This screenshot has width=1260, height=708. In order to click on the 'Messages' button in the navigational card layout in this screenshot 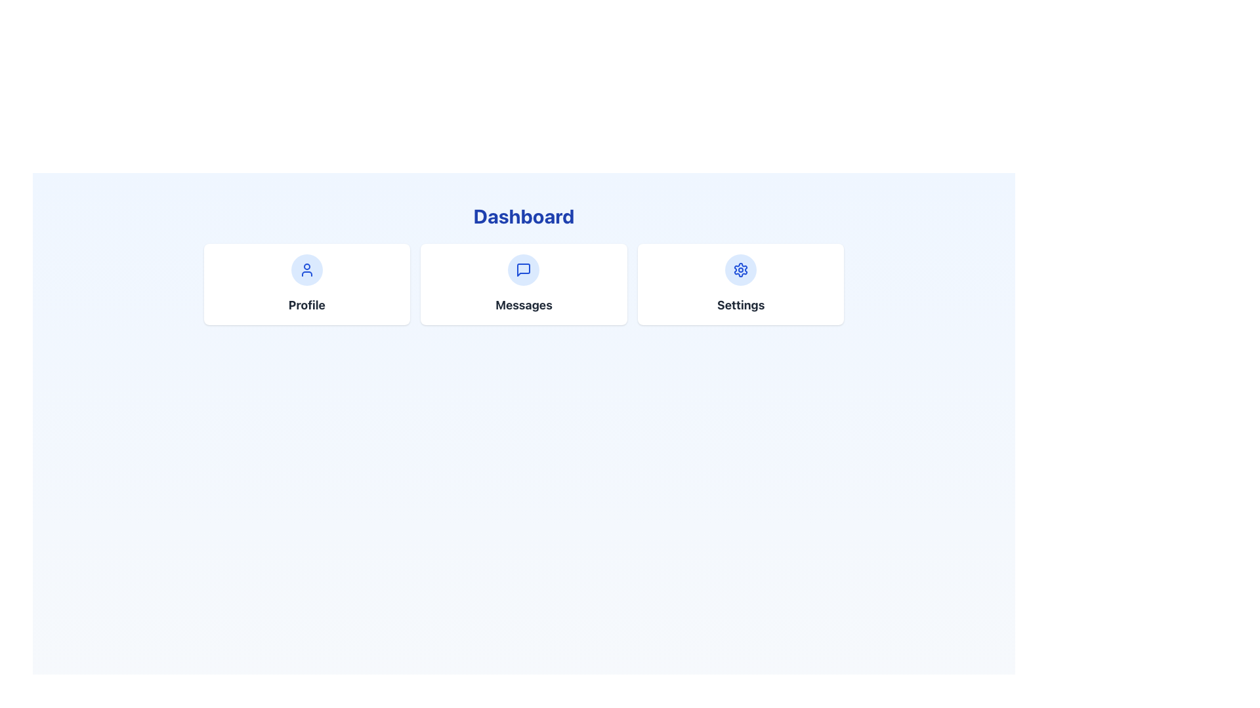, I will do `click(523, 284)`.